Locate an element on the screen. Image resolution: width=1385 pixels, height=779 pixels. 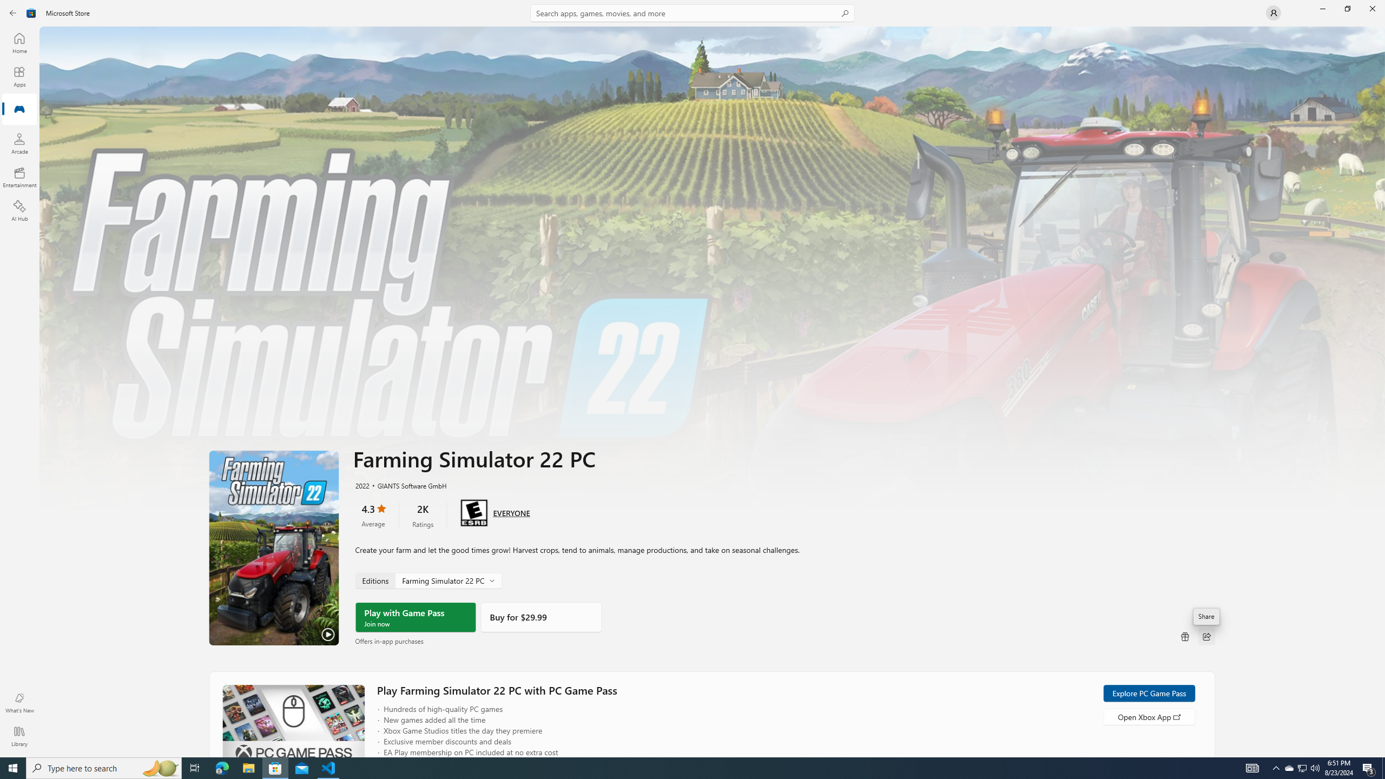
'Open Xbox App' is located at coordinates (1149, 716).